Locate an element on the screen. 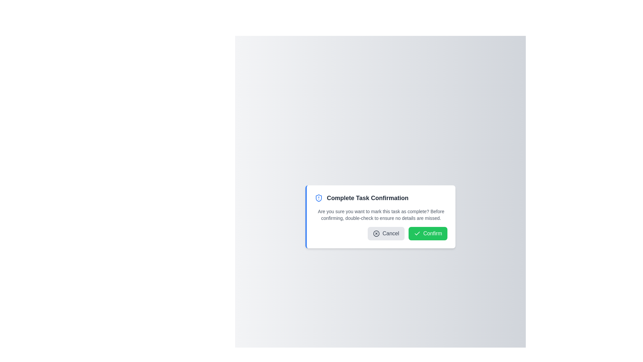 The image size is (643, 362). the blue shield icon with an alert symbol inside, located to the left of the text 'Complete Task Confirmation' in the modal is located at coordinates (318, 197).